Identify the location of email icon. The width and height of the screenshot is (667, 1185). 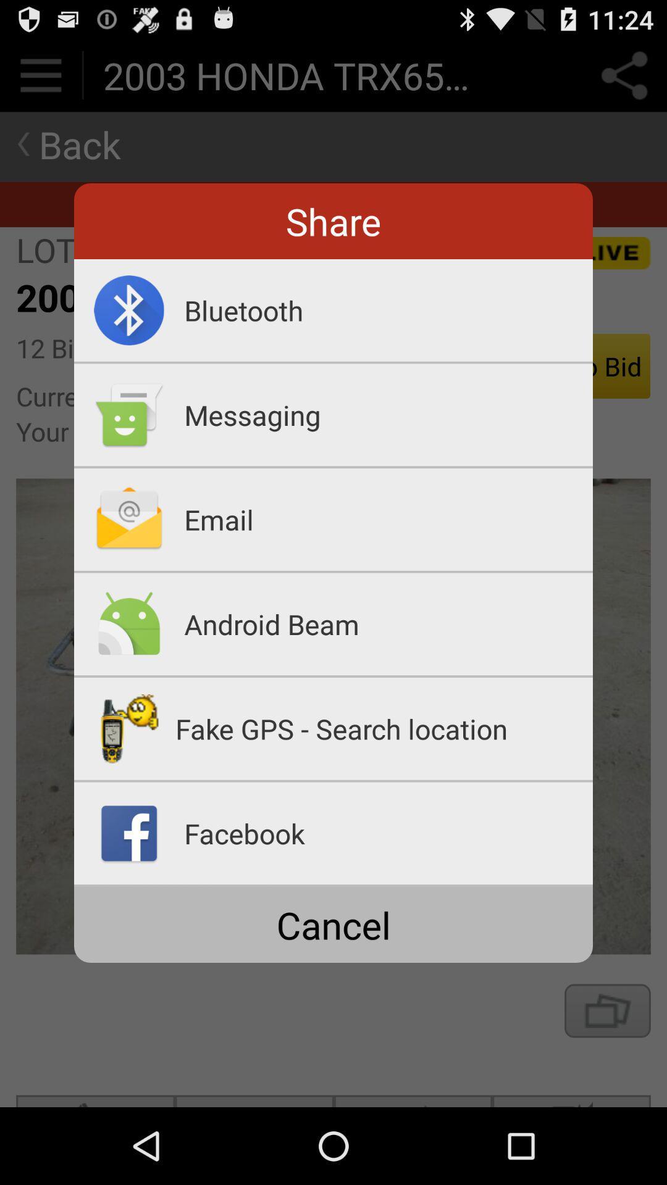
(388, 519).